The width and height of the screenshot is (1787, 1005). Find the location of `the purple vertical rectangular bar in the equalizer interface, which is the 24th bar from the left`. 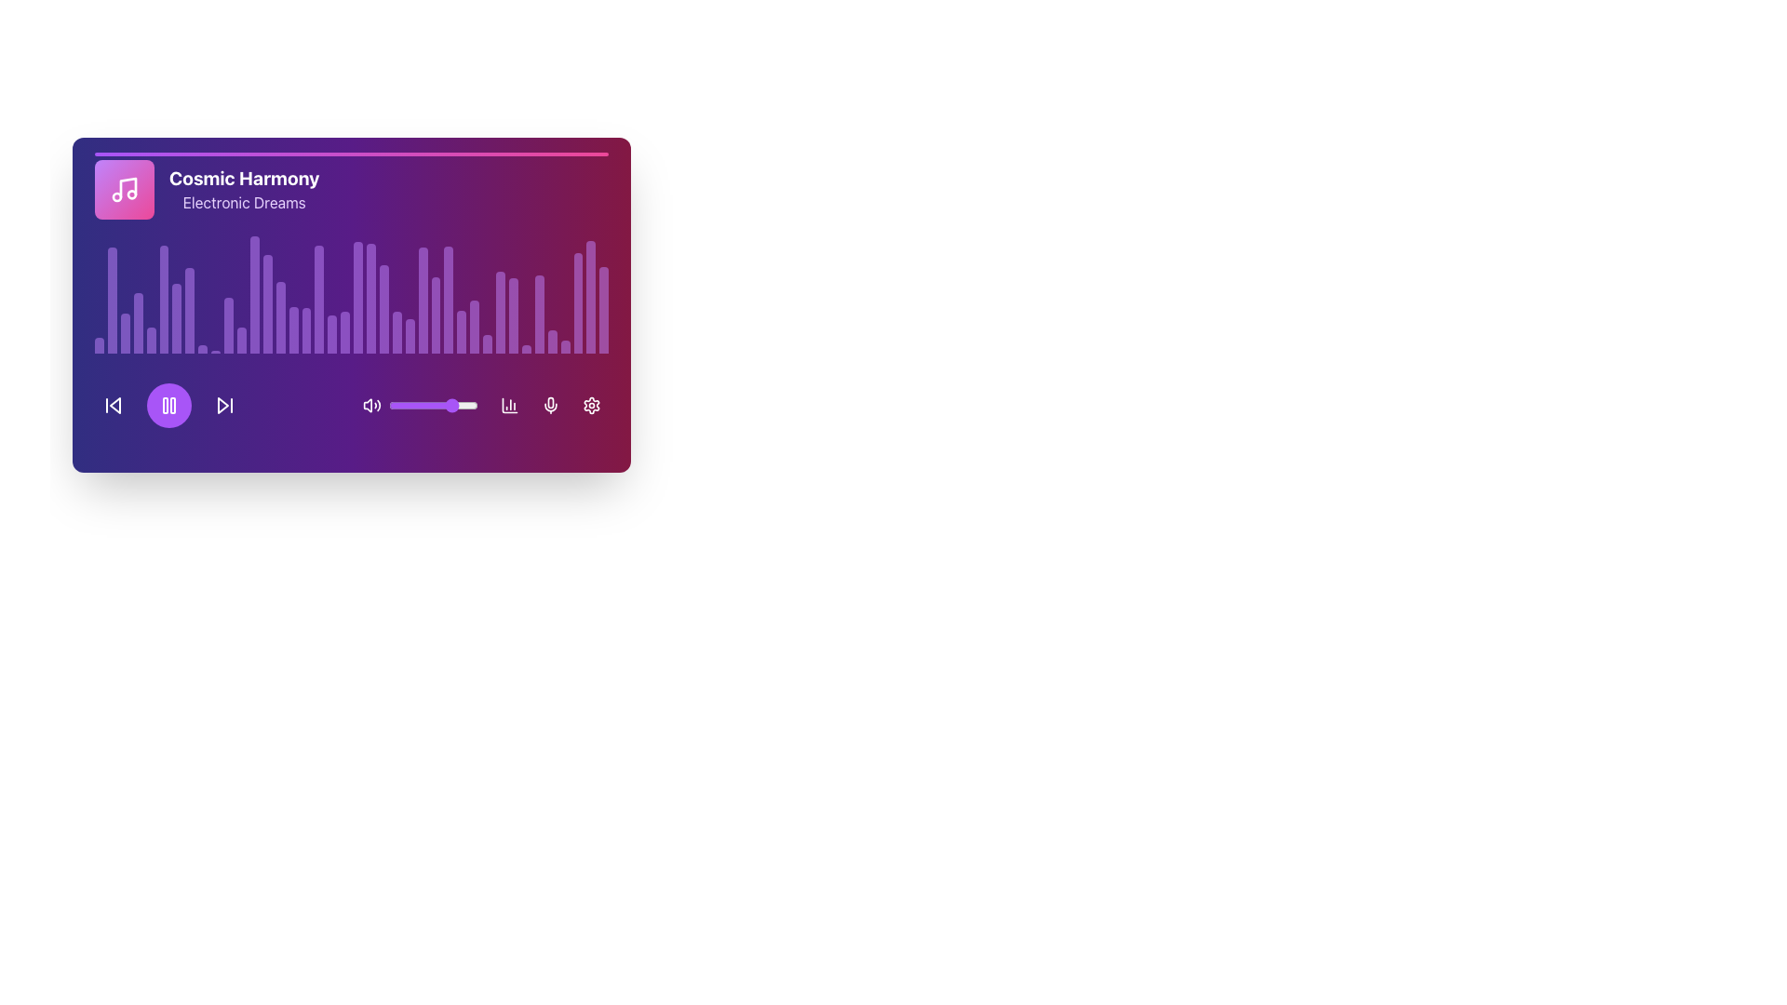

the purple vertical rectangular bar in the equalizer interface, which is the 24th bar from the left is located at coordinates (409, 336).